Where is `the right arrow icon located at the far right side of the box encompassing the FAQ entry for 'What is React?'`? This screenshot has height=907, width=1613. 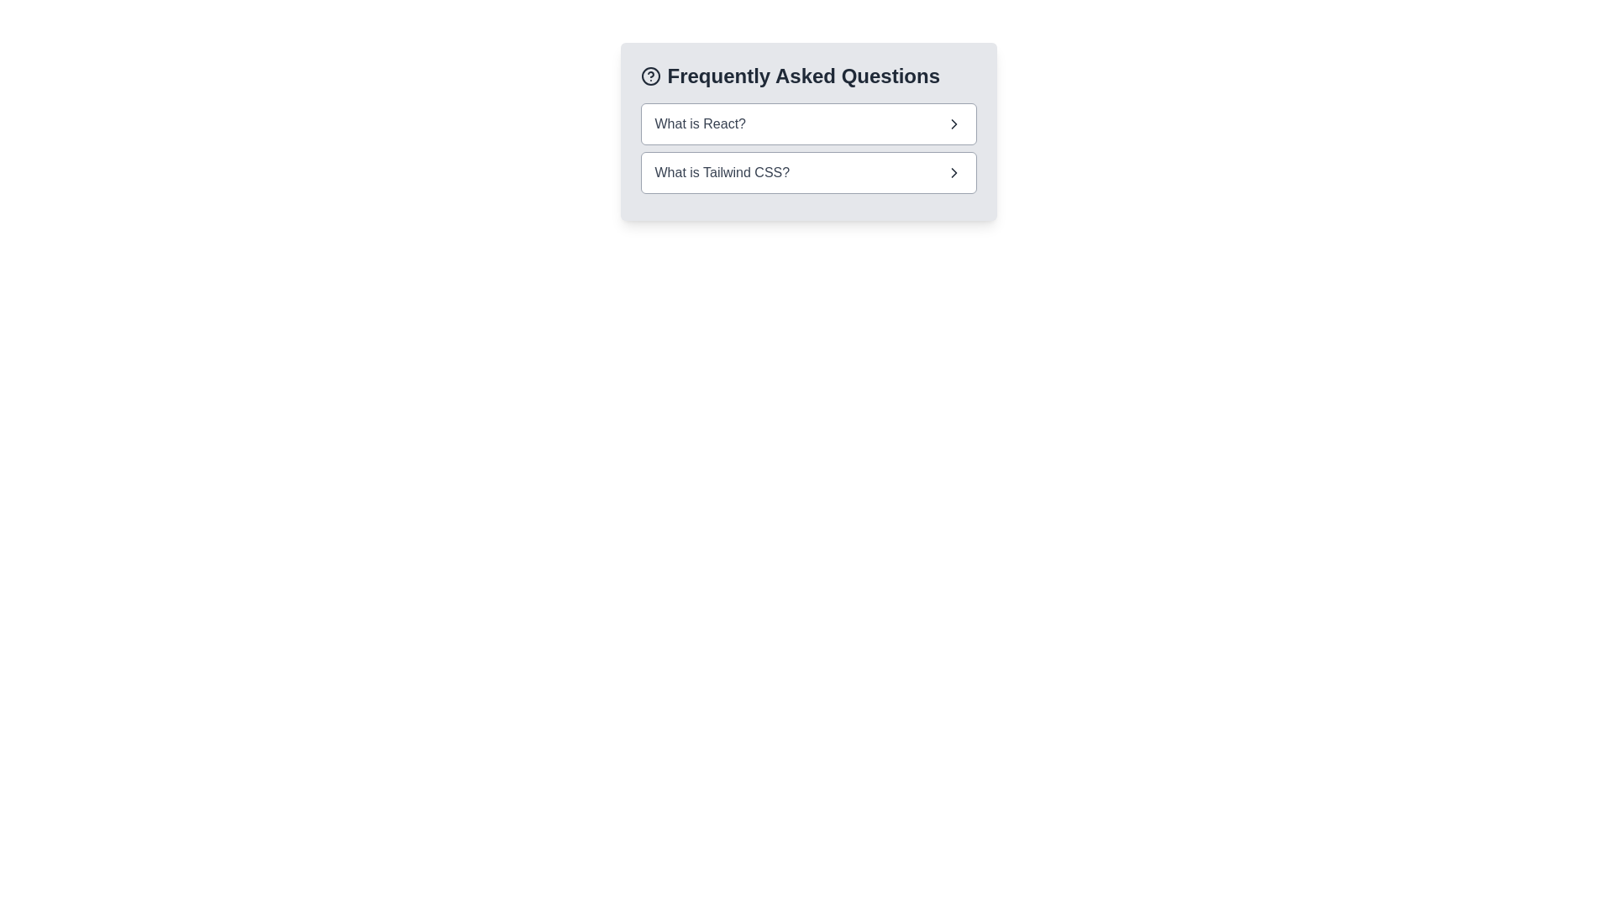 the right arrow icon located at the far right side of the box encompassing the FAQ entry for 'What is React?' is located at coordinates (954, 123).